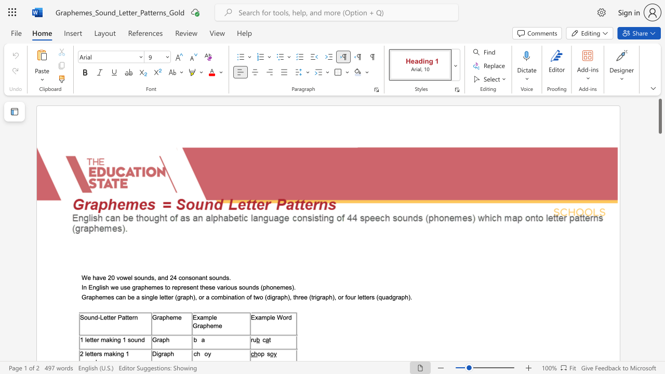 This screenshot has width=665, height=374. I want to click on the scrollbar to slide the page down, so click(659, 291).